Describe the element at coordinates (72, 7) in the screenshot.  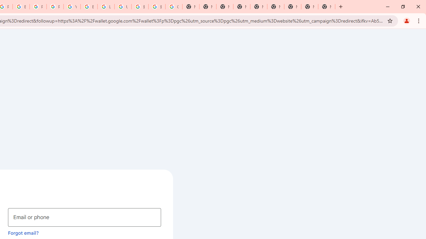
I see `'YouTube'` at that location.